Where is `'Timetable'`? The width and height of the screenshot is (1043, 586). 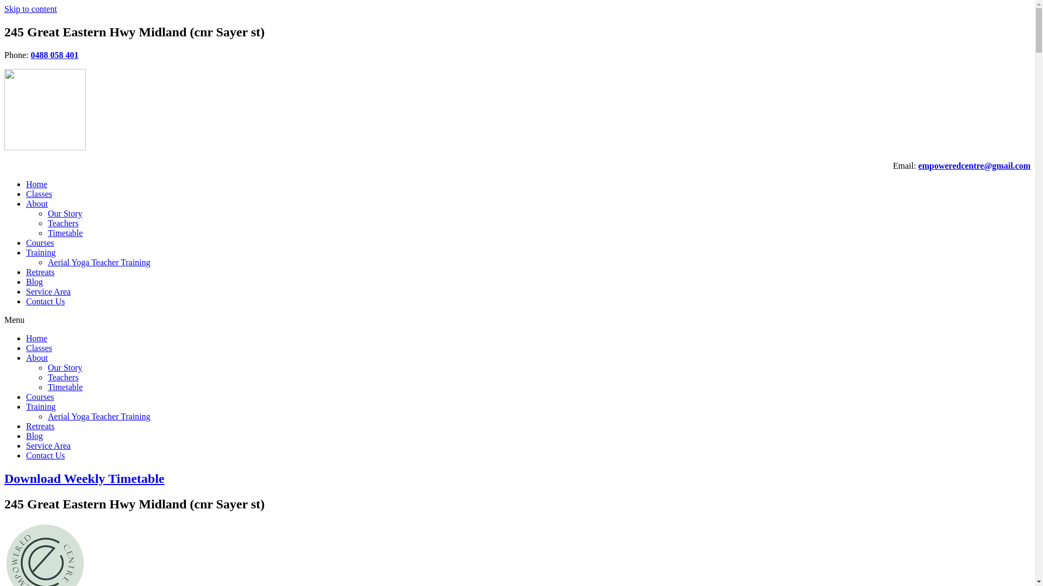 'Timetable' is located at coordinates (65, 232).